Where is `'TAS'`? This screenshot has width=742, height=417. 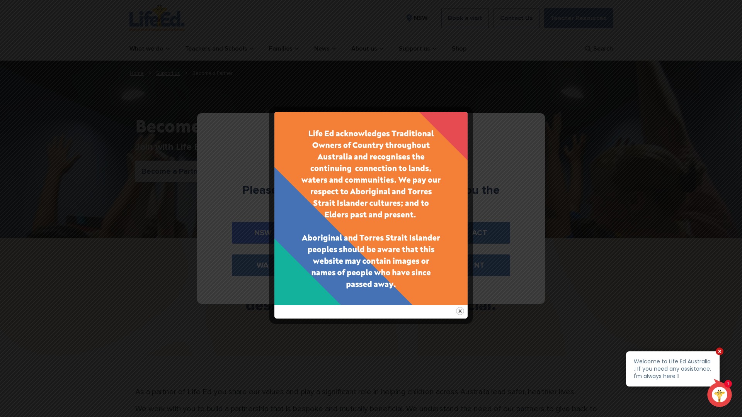 'TAS' is located at coordinates (407, 264).